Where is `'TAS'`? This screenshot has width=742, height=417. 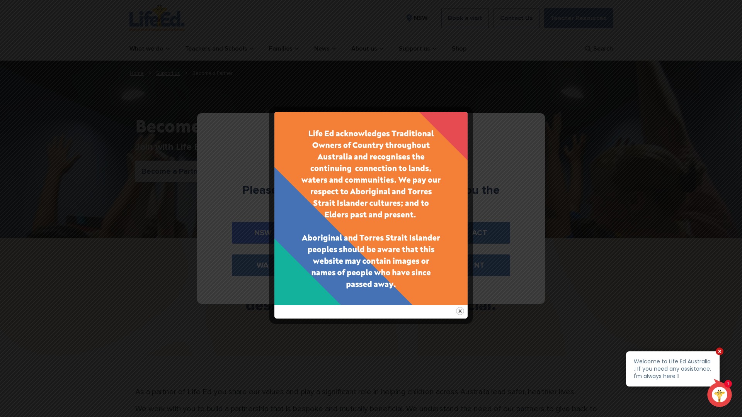 'TAS' is located at coordinates (407, 264).